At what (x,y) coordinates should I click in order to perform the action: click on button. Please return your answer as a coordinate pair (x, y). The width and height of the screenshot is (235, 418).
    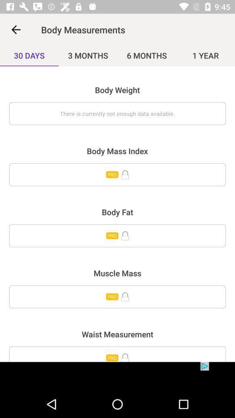
    Looking at the image, I should click on (117, 297).